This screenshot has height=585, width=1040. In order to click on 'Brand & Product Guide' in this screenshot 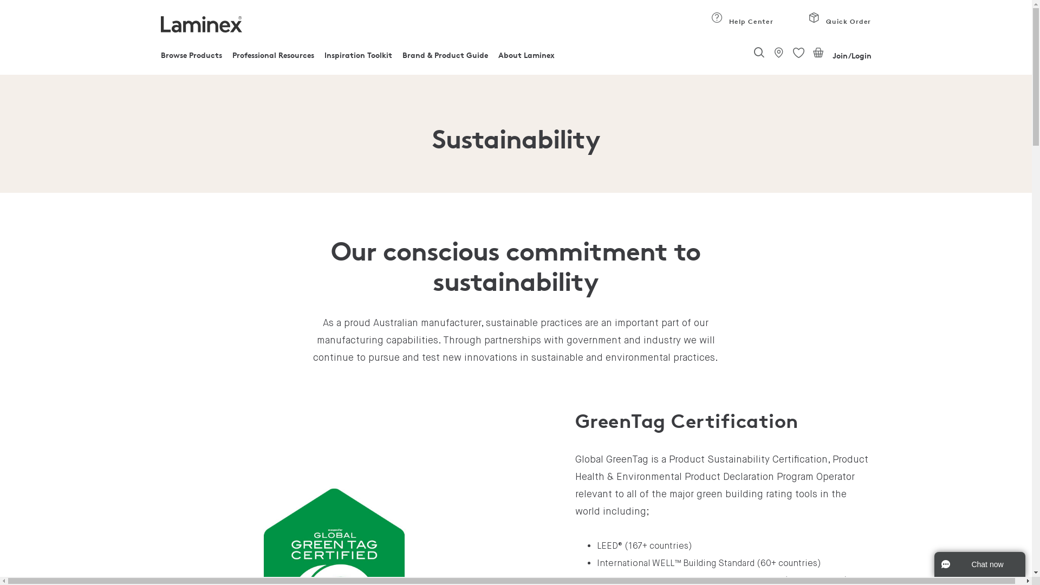, I will do `click(445, 58)`.